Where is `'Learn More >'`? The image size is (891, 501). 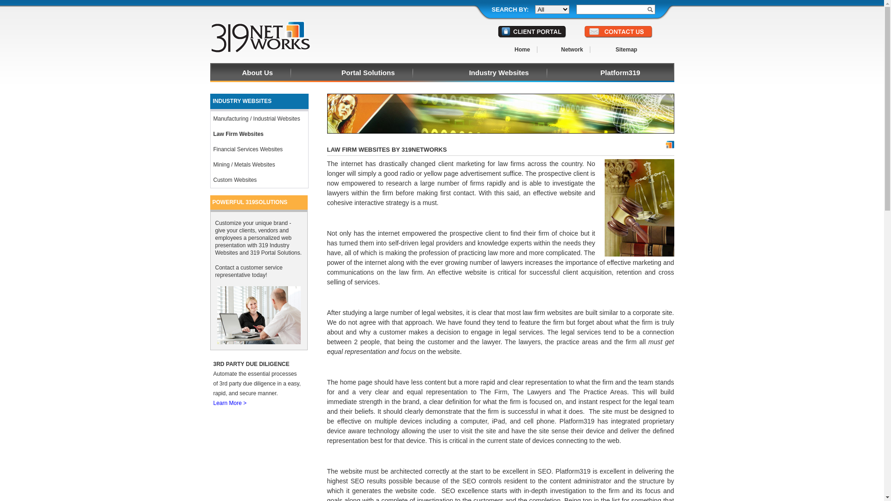 'Learn More >' is located at coordinates (213, 402).